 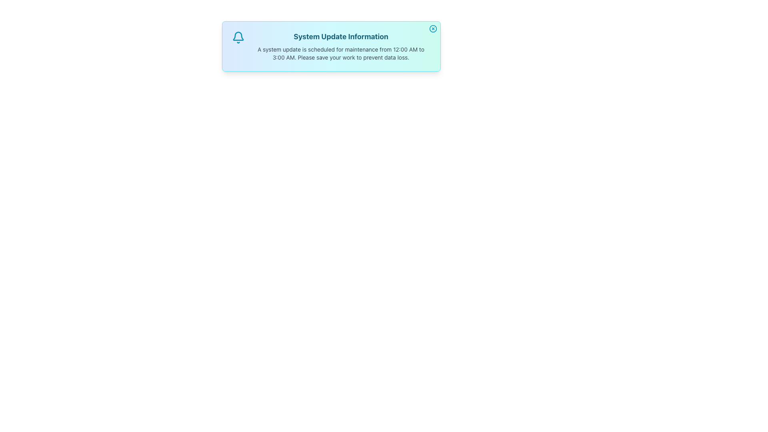 What do you see at coordinates (341, 46) in the screenshot?
I see `the Informational Text Block displaying 'System Update Information', which features a bold heading and a descriptive text on a light blue gradient background` at bounding box center [341, 46].